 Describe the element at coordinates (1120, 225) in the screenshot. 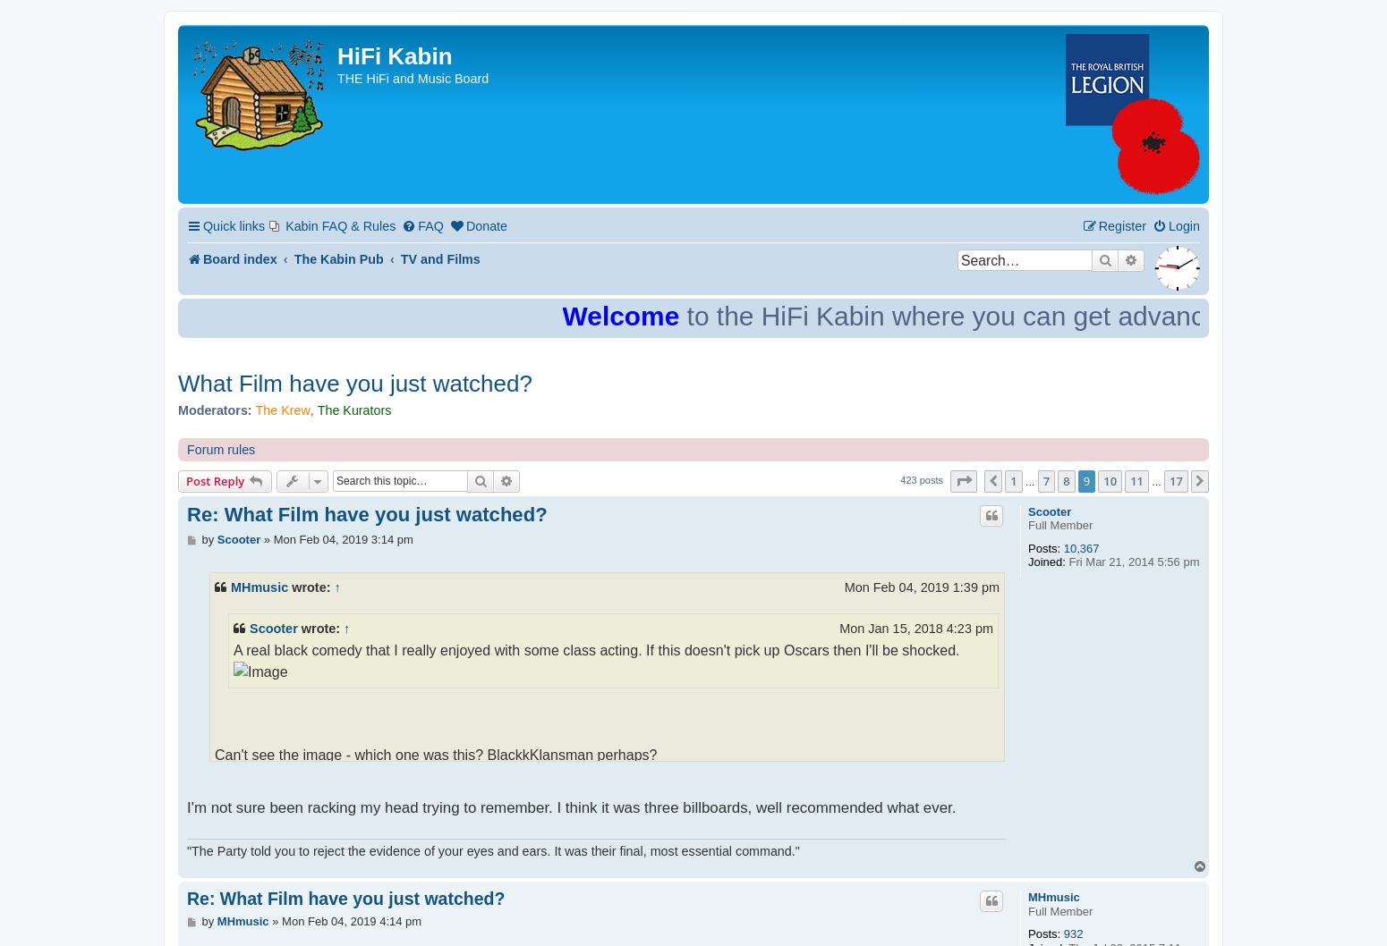

I see `'Register'` at that location.